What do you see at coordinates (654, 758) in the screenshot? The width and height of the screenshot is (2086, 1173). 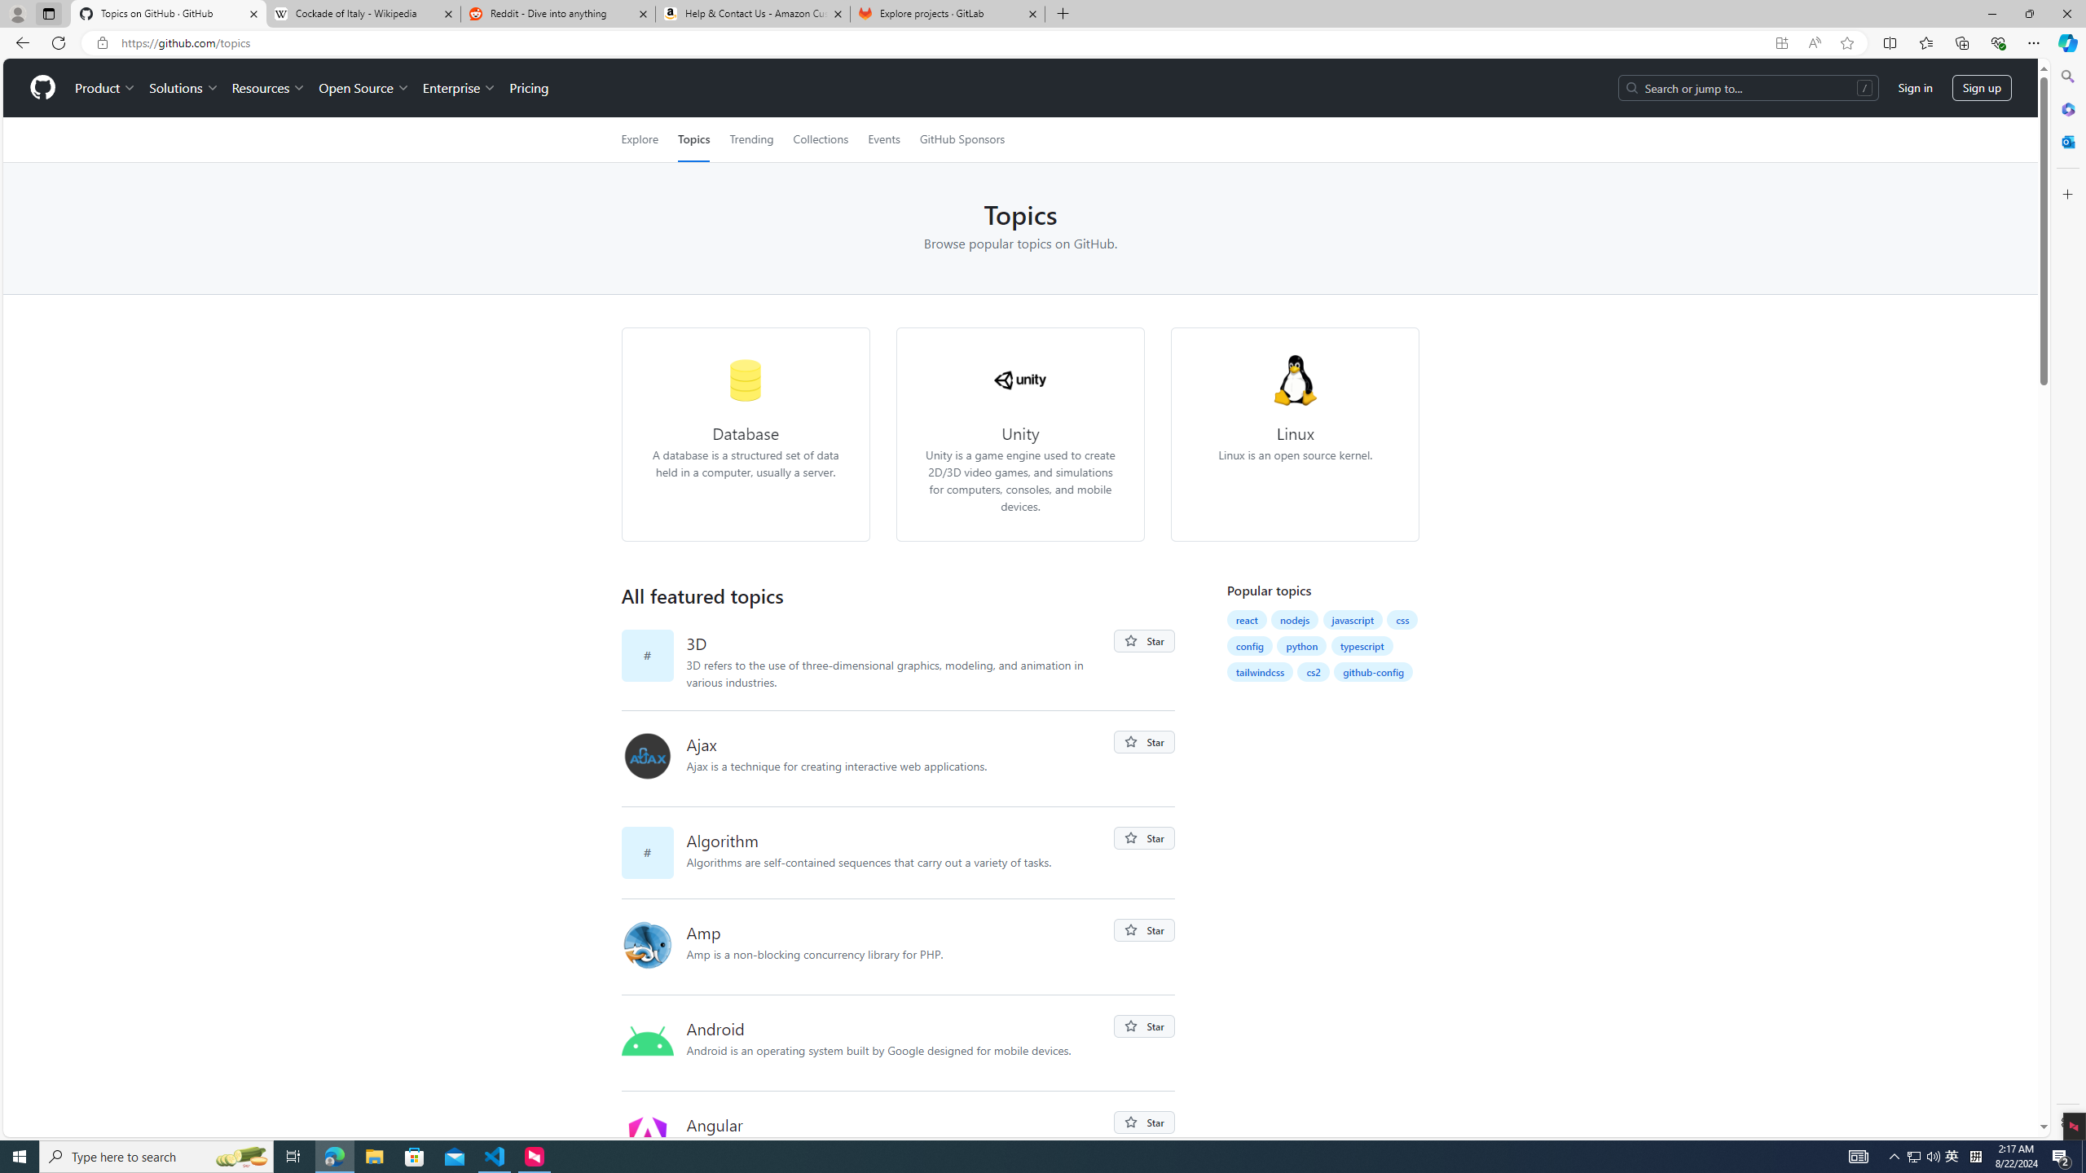 I see `'ajax'` at bounding box center [654, 758].